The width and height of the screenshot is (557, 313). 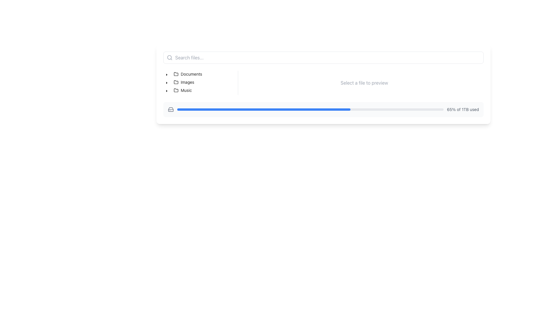 I want to click on the triangular expander toggle icon, so click(x=167, y=74).